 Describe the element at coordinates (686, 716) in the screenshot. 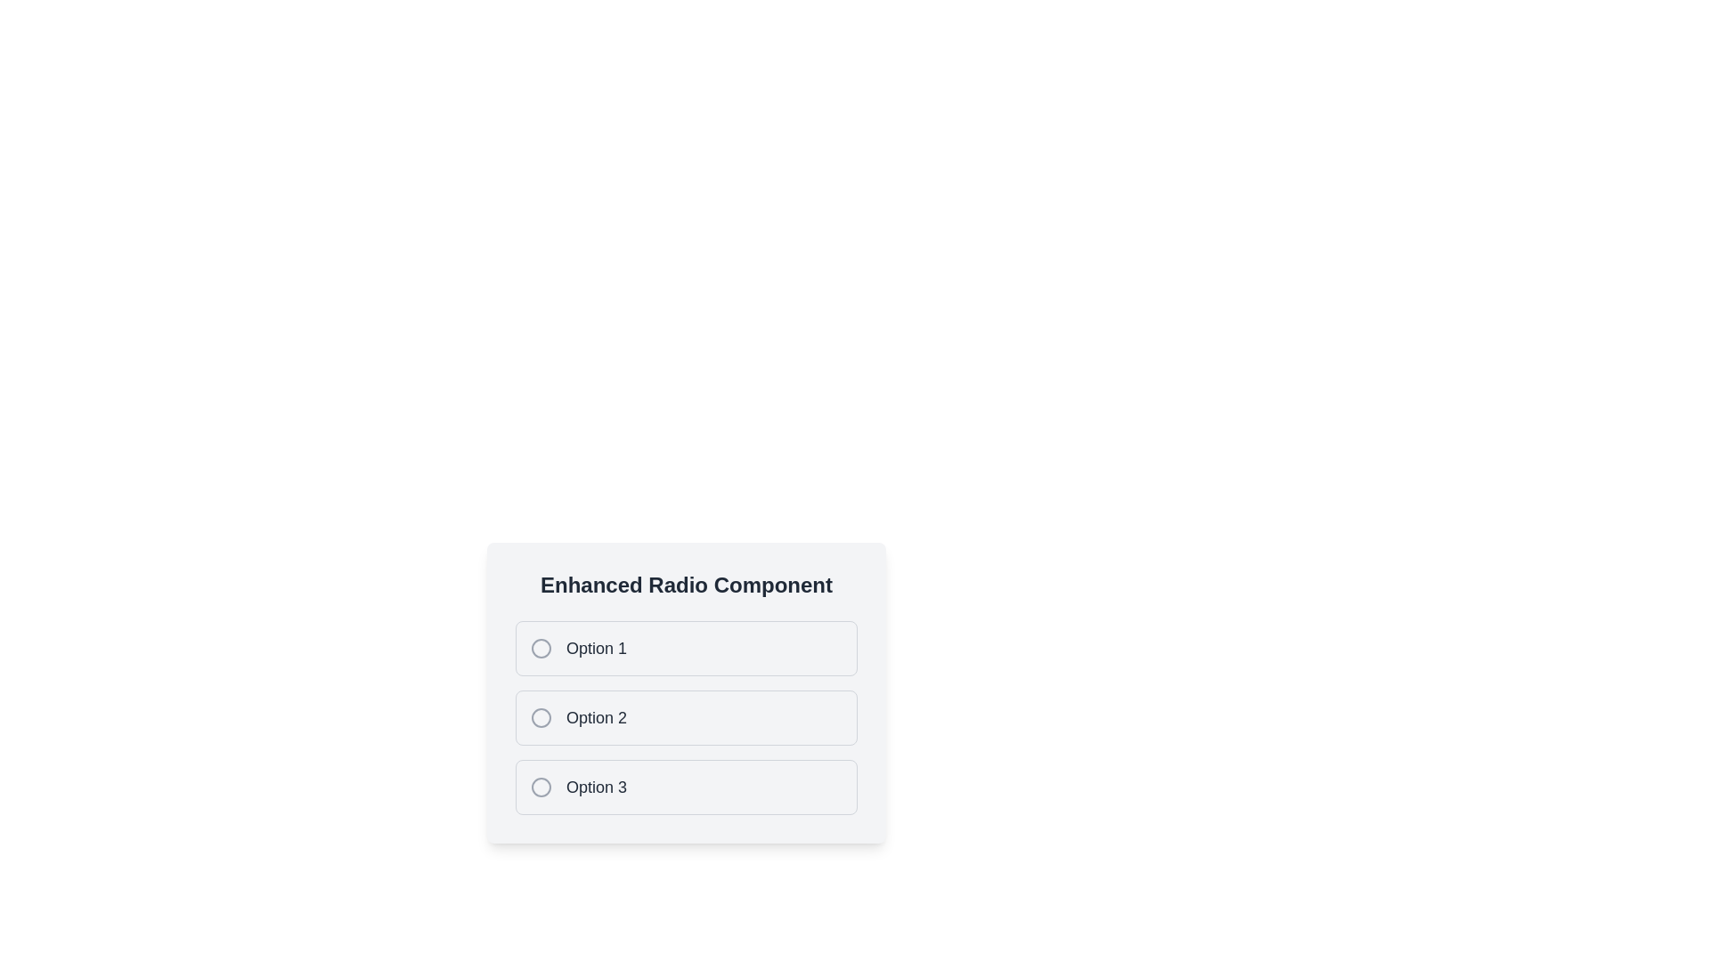

I see `the 'Option 2' radio button` at that location.